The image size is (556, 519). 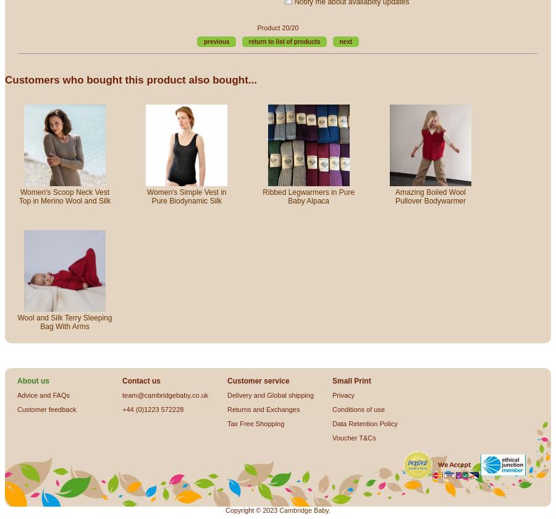 I want to click on 'Women's Scoop Neck Vest Top in Merino Wool and Silk', so click(x=64, y=195).